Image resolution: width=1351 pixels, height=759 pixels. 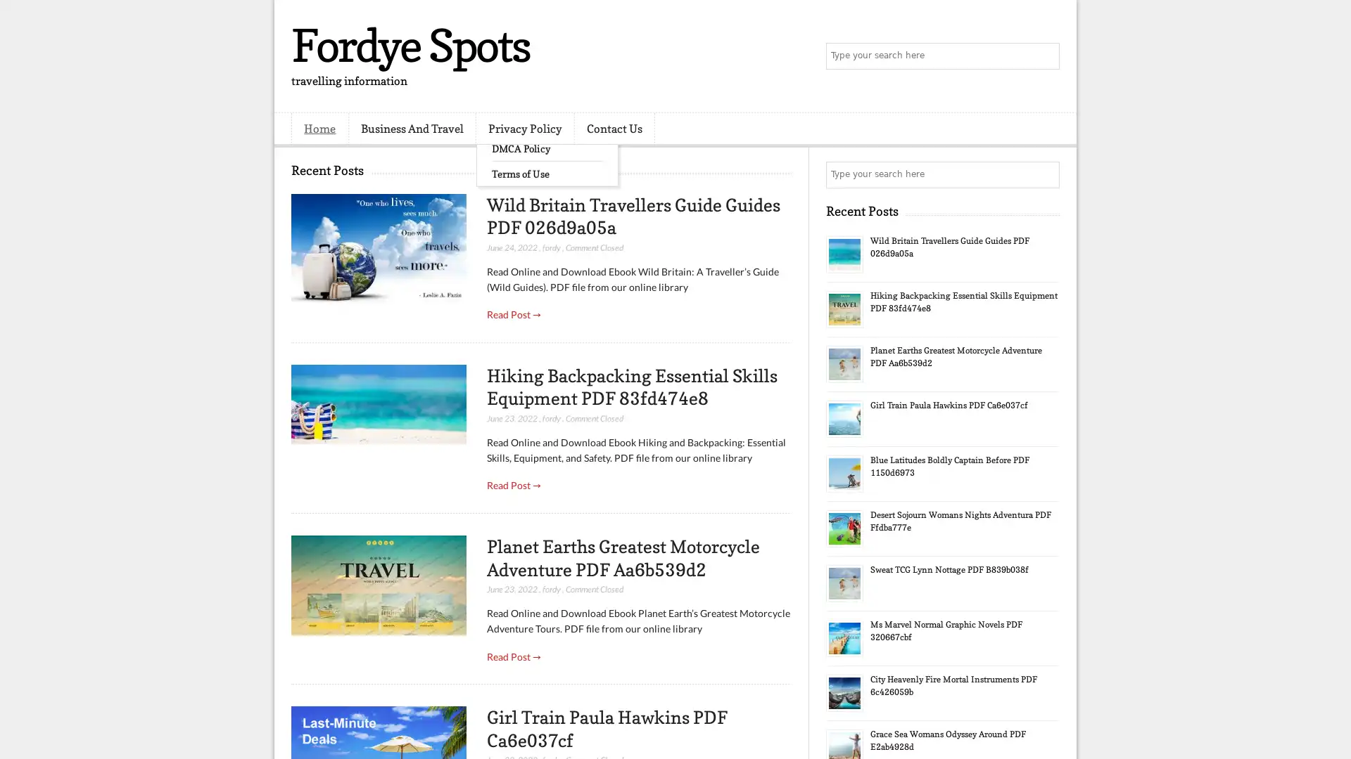 I want to click on Search, so click(x=1045, y=56).